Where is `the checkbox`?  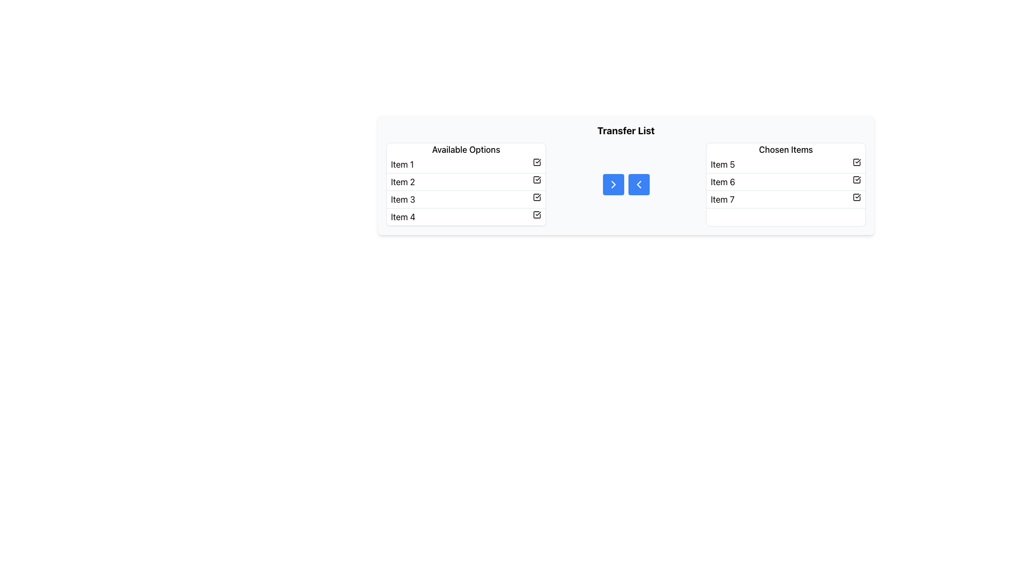
the checkbox is located at coordinates (786, 181).